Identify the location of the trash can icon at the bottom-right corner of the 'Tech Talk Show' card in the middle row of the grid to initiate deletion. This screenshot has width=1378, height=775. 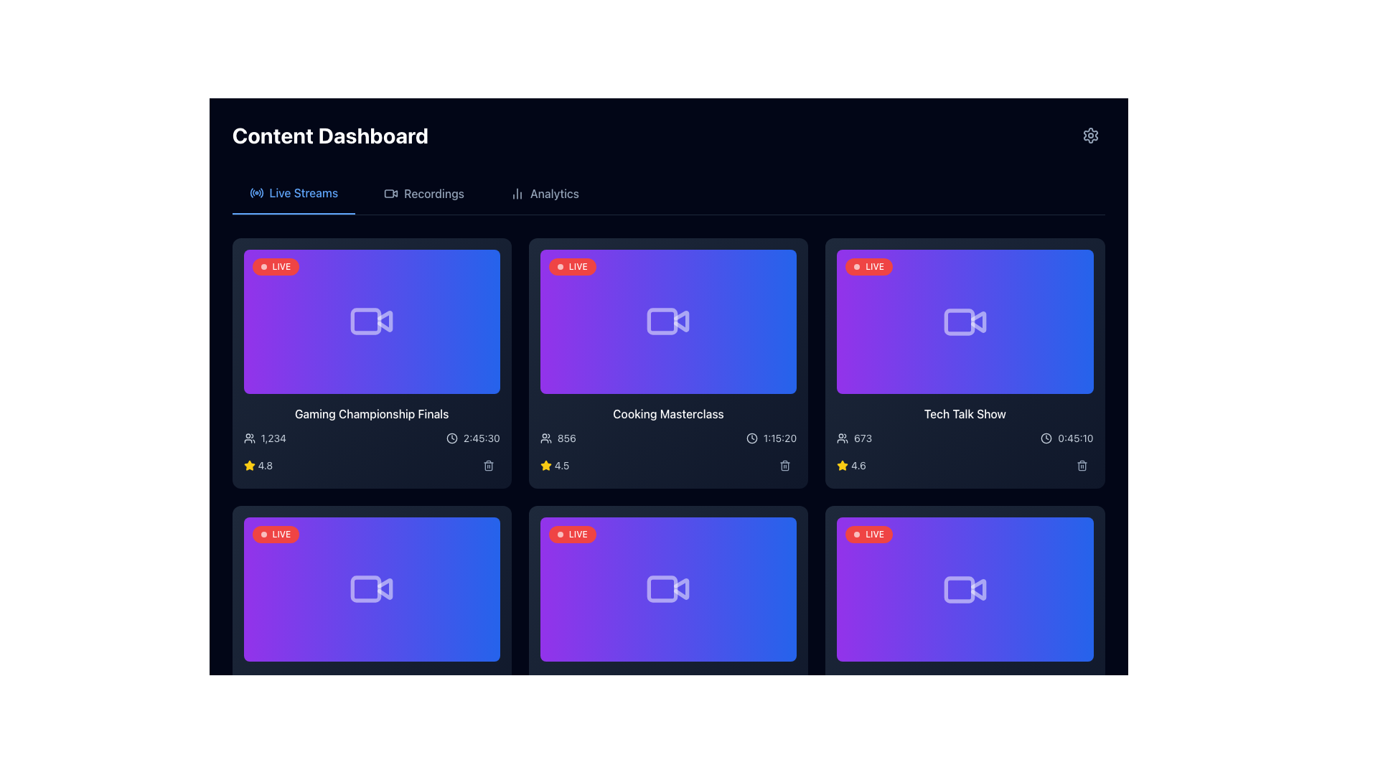
(1082, 465).